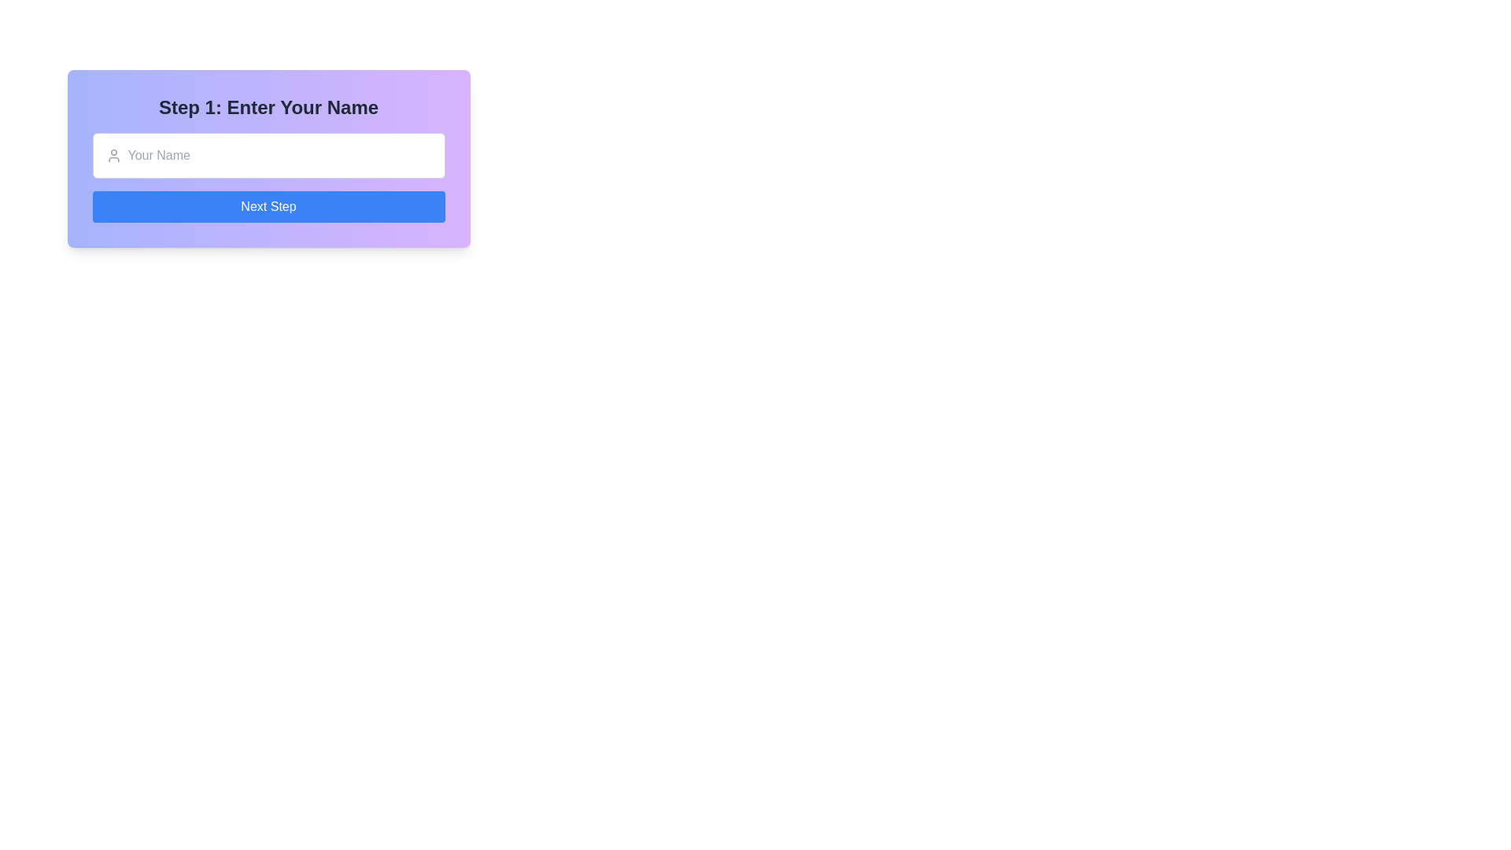 The height and width of the screenshot is (850, 1511). What do you see at coordinates (268, 205) in the screenshot?
I see `the rectangular button with rounded corners, blue background, and white text reading 'Next Step' to proceed to the next step` at bounding box center [268, 205].